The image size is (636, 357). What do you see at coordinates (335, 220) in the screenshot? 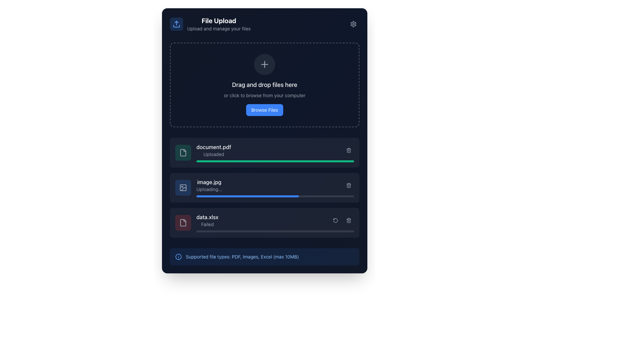
I see `the first circular icon on the right end of the file upload list to retry uploading the associated file` at bounding box center [335, 220].